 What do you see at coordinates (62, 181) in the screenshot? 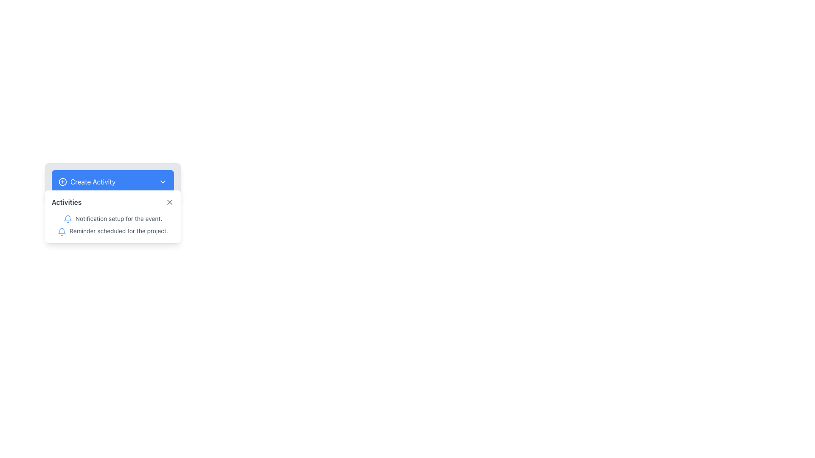
I see `the blue circular icon button with a plus sign inside it, located in the 'Create Activity' section` at bounding box center [62, 181].